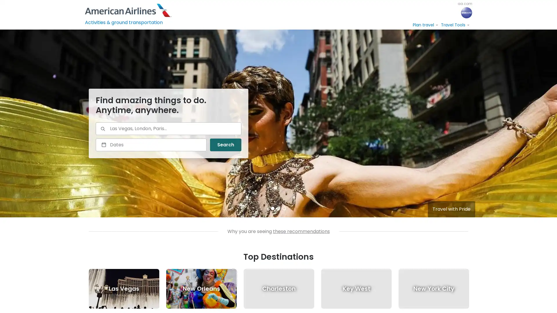 The height and width of the screenshot is (313, 557). I want to click on 1, so click(272, 125).